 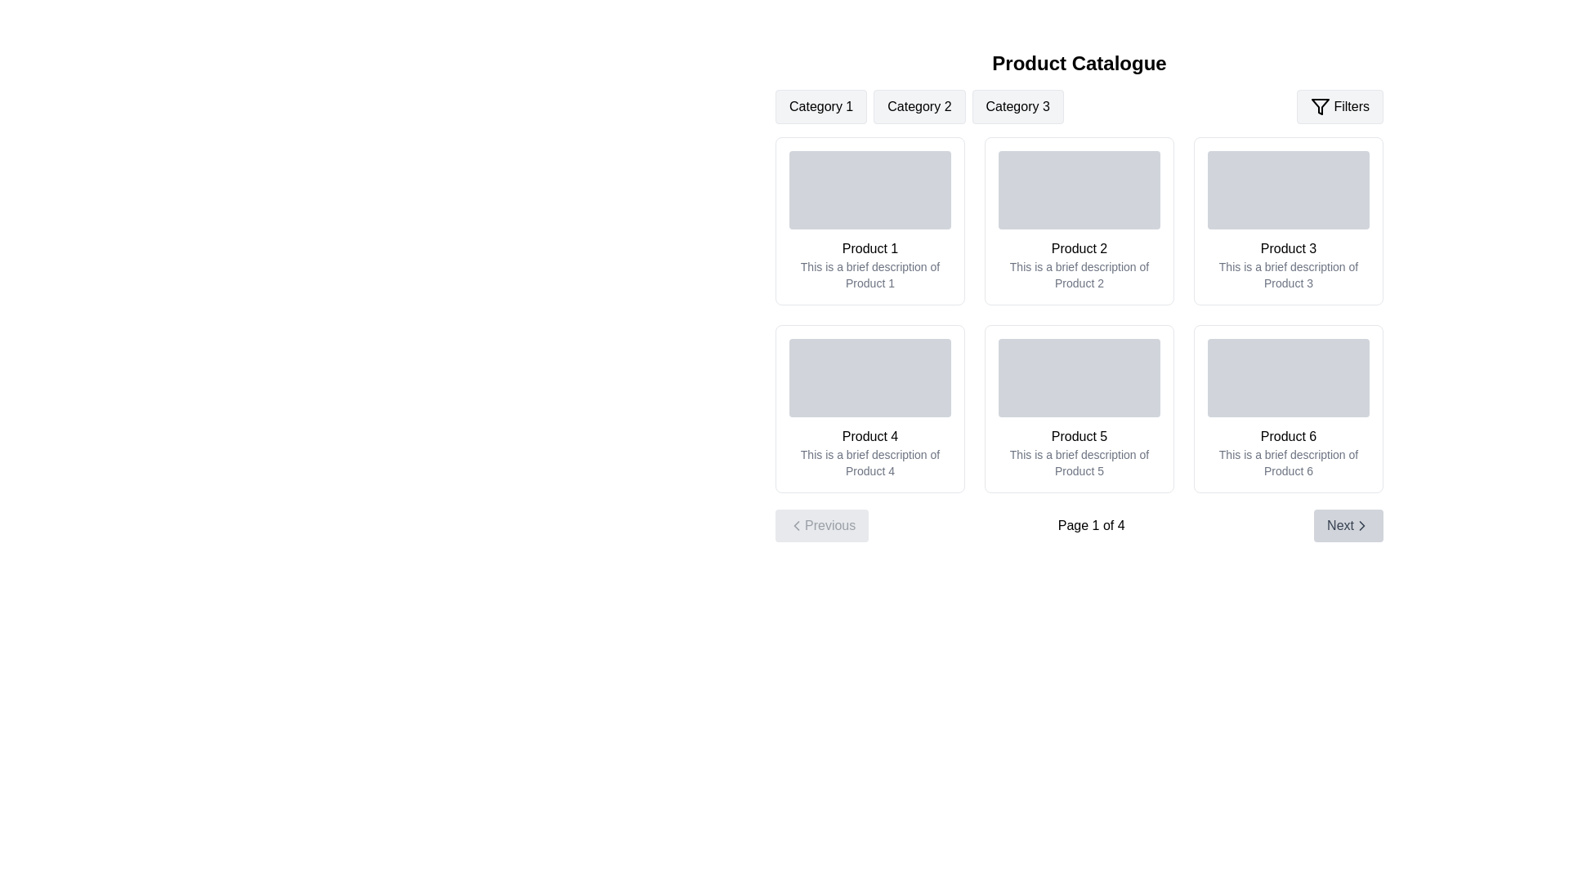 What do you see at coordinates (869, 377) in the screenshot?
I see `the Image Placeholder with a gray background and rounded corners located at the top of the 'Product 4' card` at bounding box center [869, 377].